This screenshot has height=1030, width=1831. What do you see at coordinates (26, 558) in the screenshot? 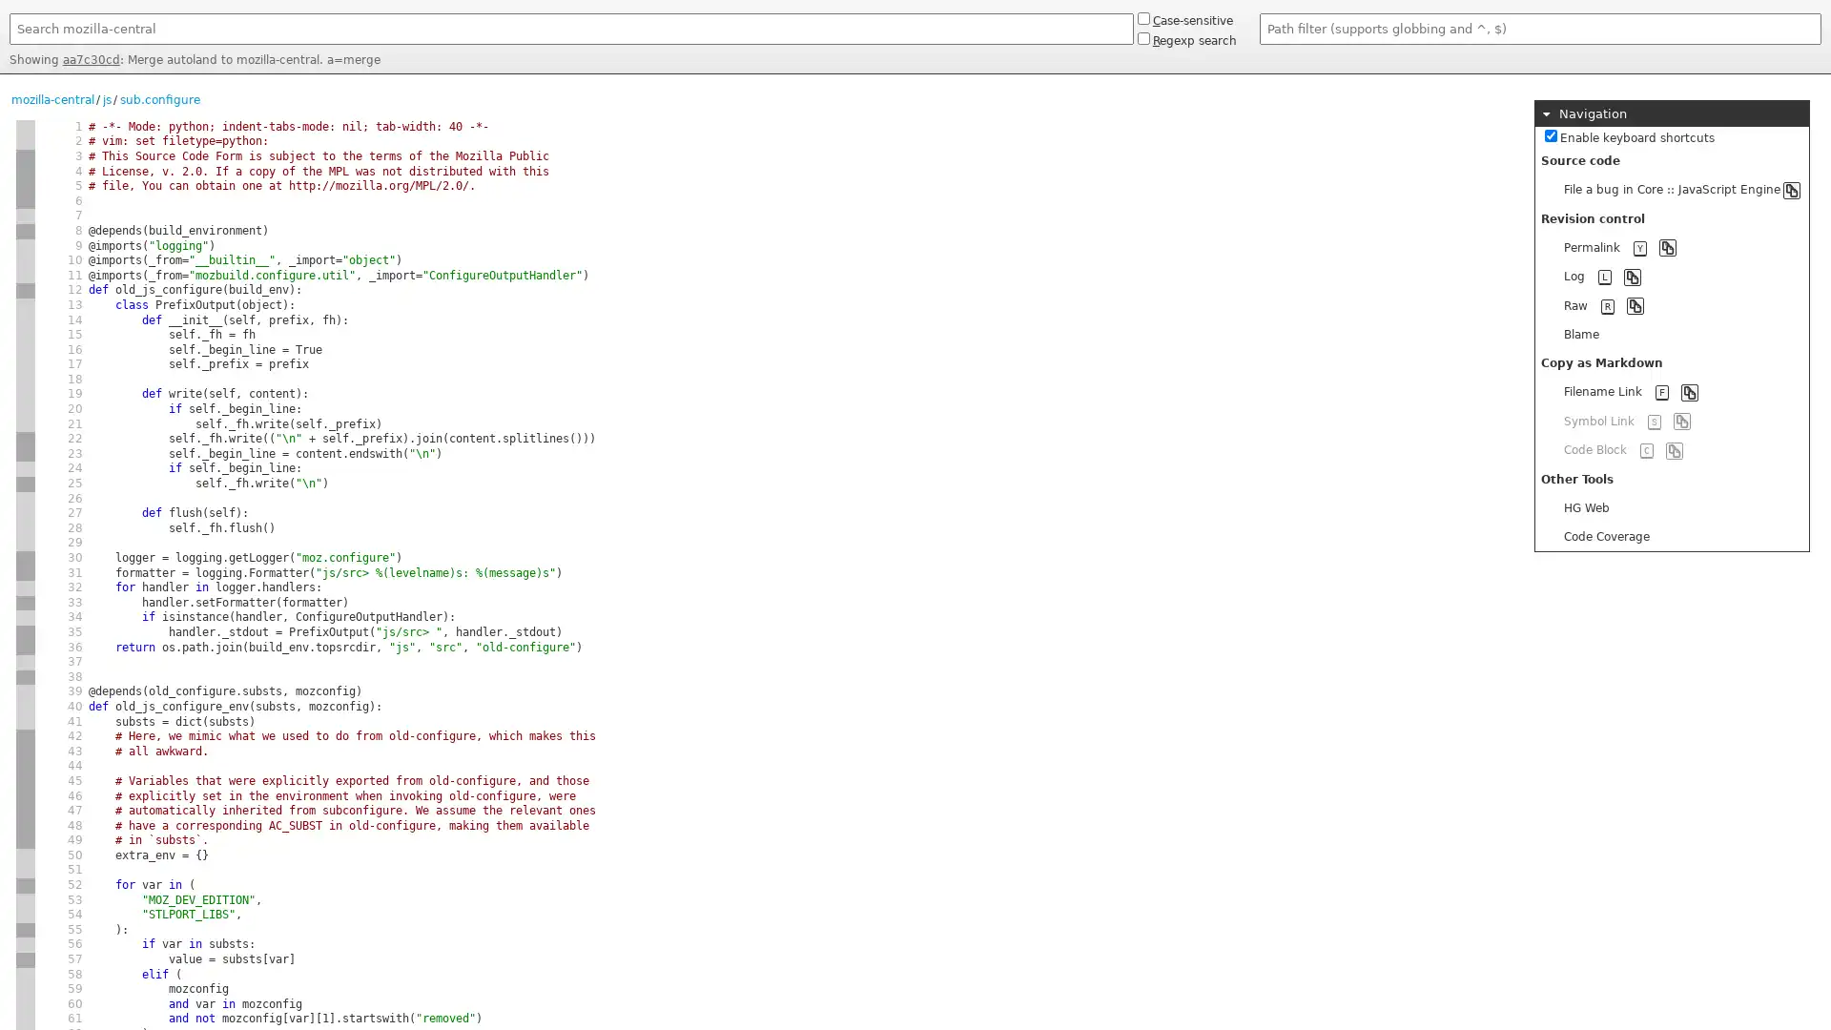
I see `new hash 3` at bounding box center [26, 558].